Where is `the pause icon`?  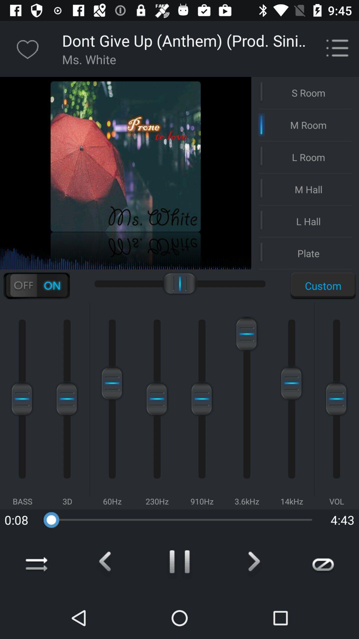
the pause icon is located at coordinates (179, 563).